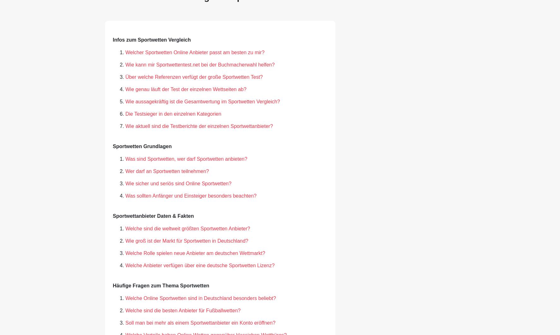  Describe the element at coordinates (203, 101) in the screenshot. I see `'Wie aussagekräftig ist die Gesamtwertung im Sportwetten Vergleich?'` at that location.